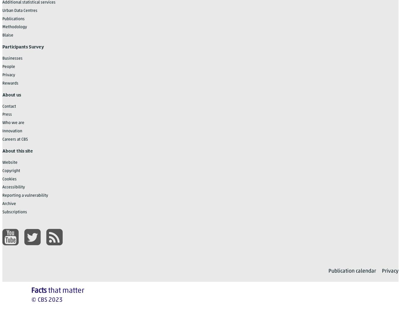 The image size is (403, 310). I want to click on 'Who we are', so click(13, 123).